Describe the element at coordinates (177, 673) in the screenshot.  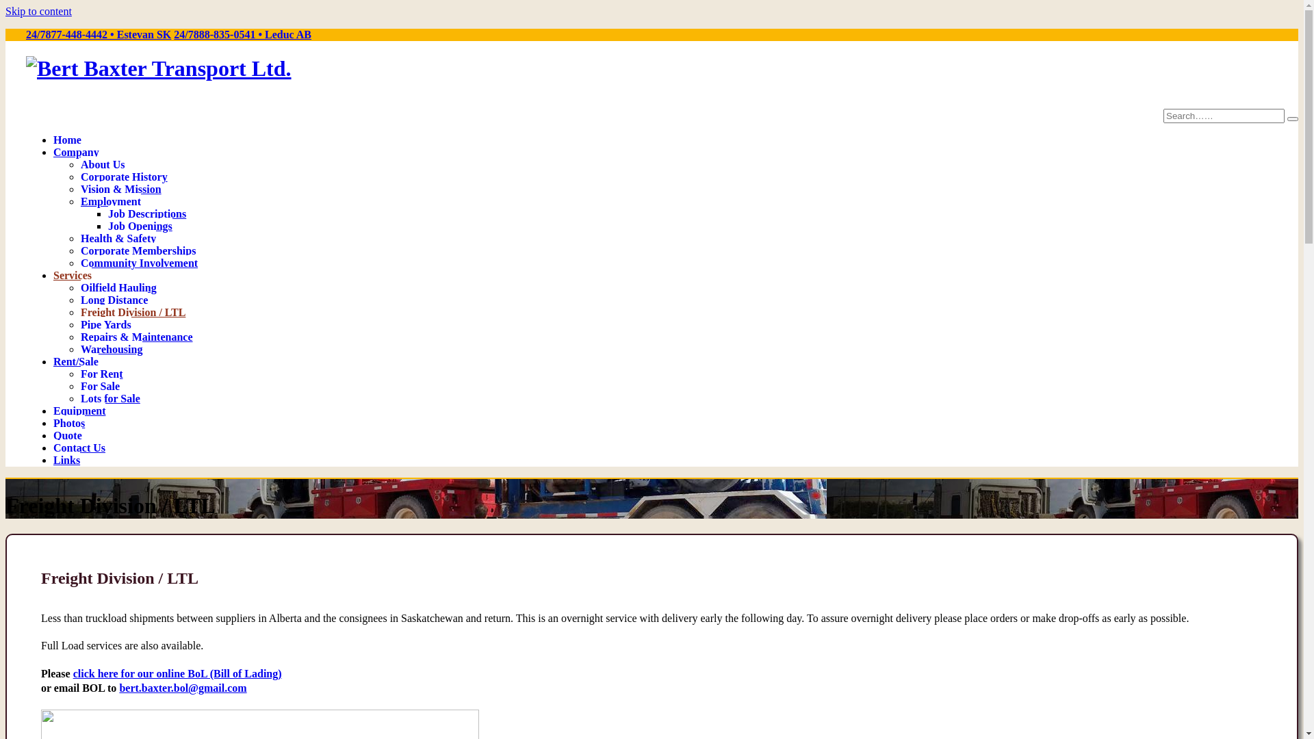
I see `'click here for our online BoL (Bill of Lading)'` at that location.